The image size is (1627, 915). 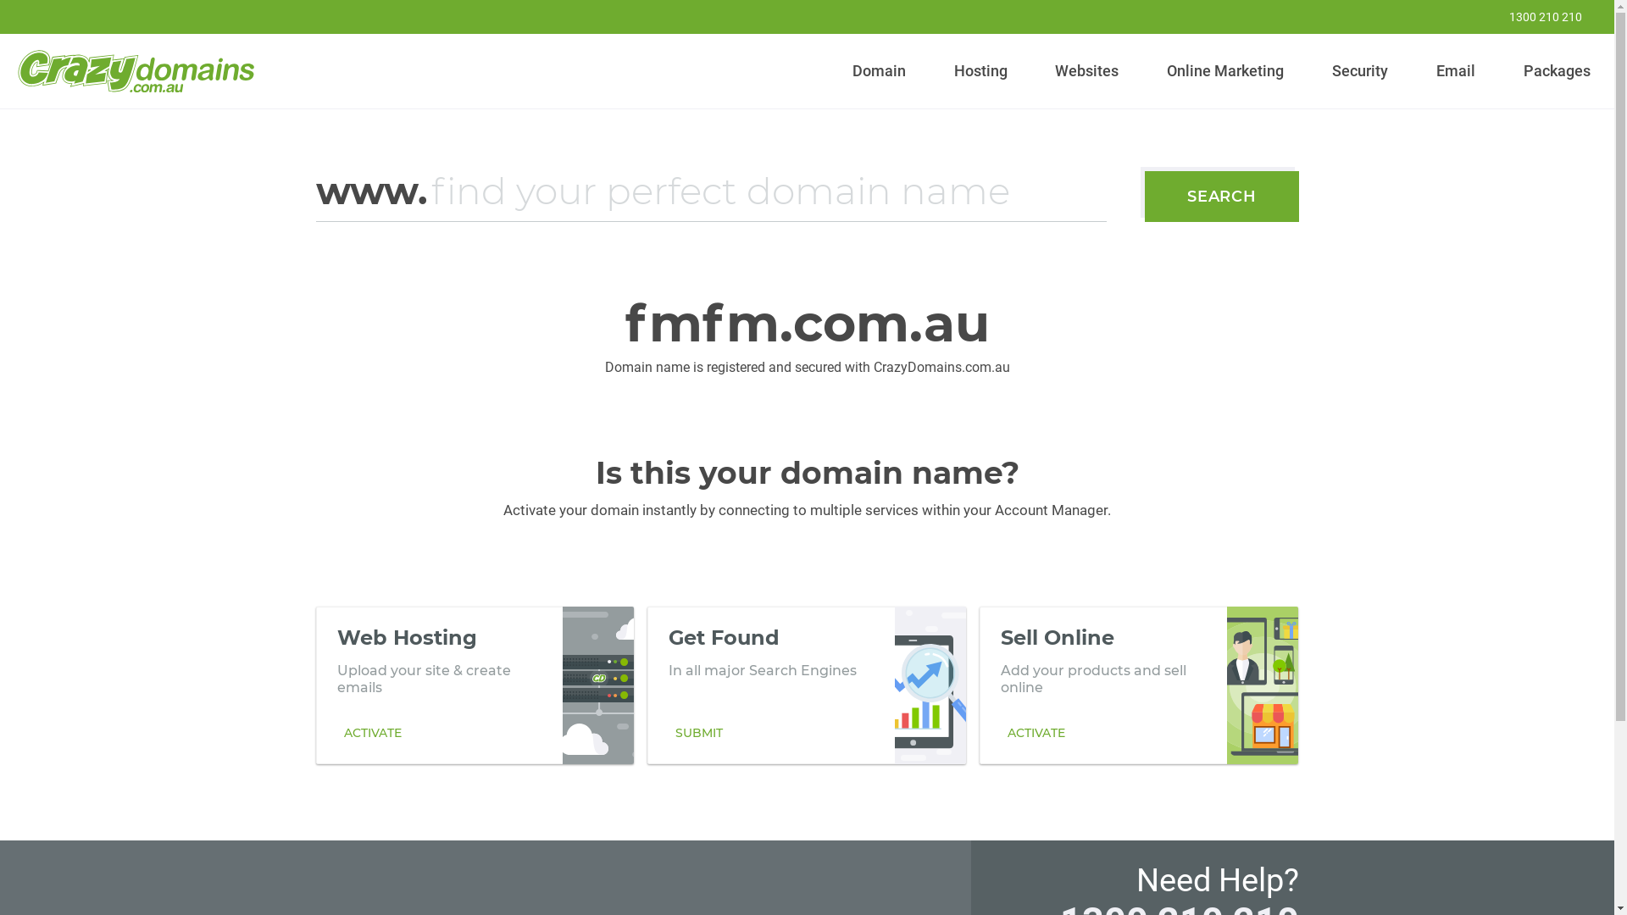 What do you see at coordinates (1471, 16) in the screenshot?
I see `'1300 210 210'` at bounding box center [1471, 16].